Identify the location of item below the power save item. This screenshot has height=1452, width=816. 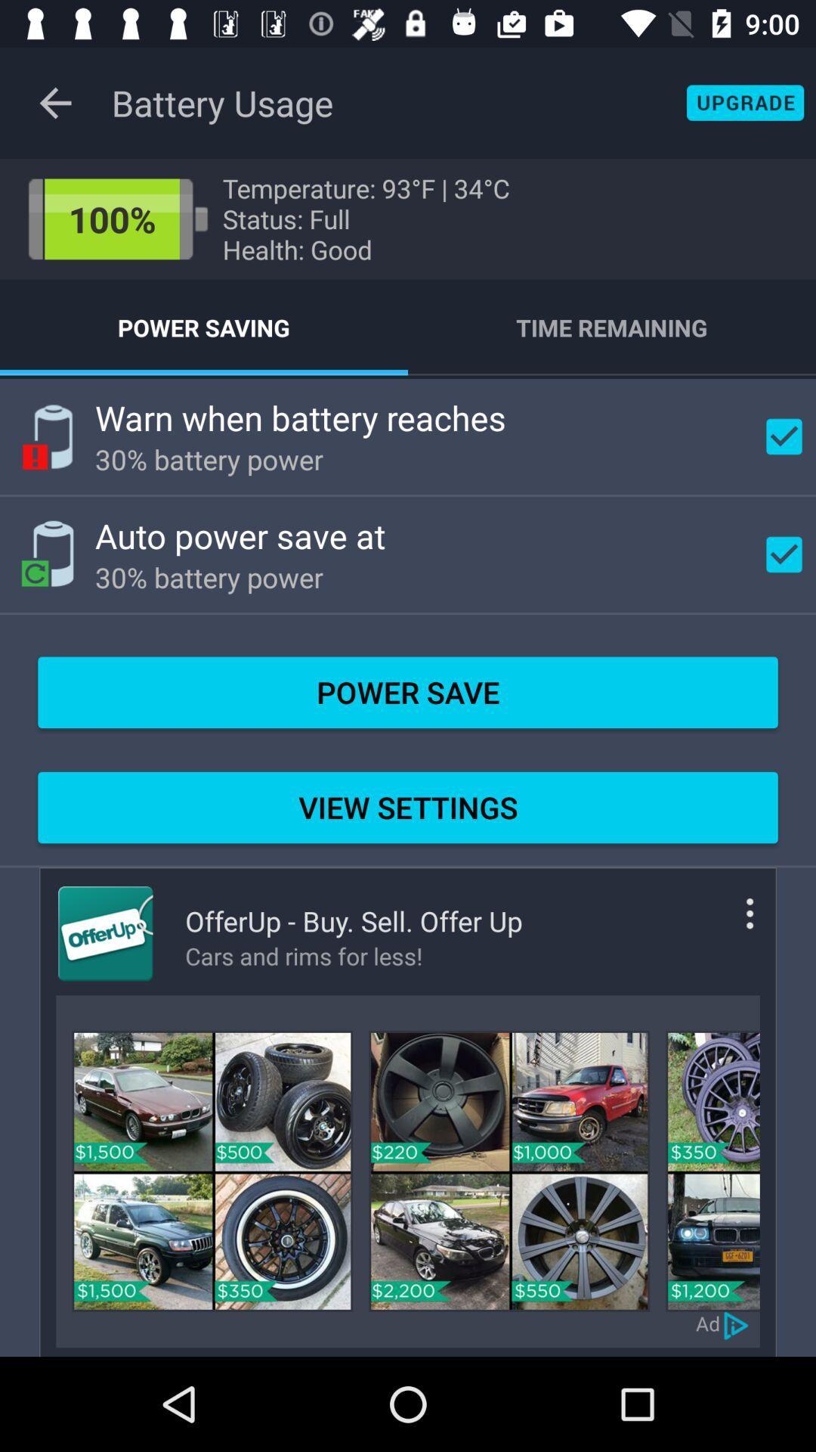
(408, 807).